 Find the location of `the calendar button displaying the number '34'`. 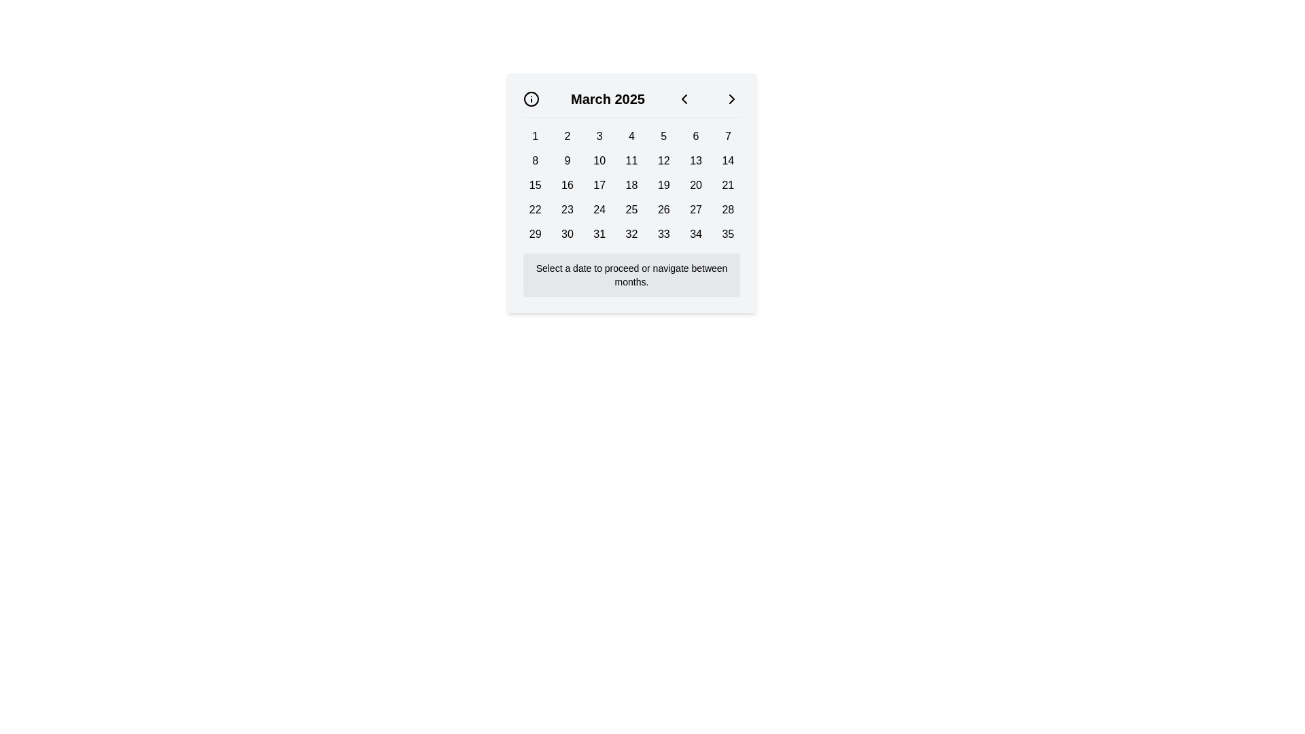

the calendar button displaying the number '34' is located at coordinates (696, 233).